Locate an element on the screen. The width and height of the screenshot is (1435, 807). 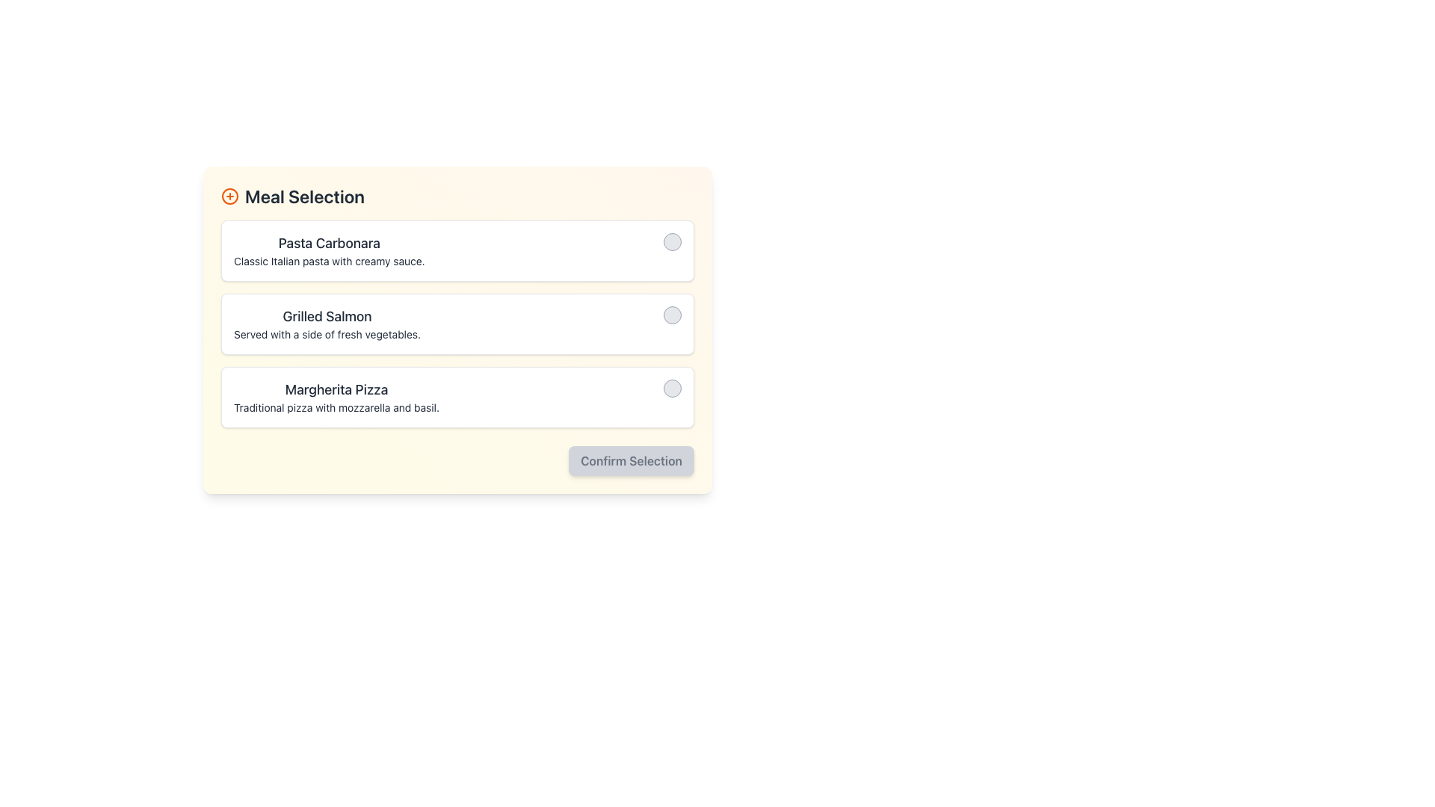
the static text description providing information about the 'Grilled Salmon' menu item, located directly below the header of this menu item is located at coordinates (327, 333).